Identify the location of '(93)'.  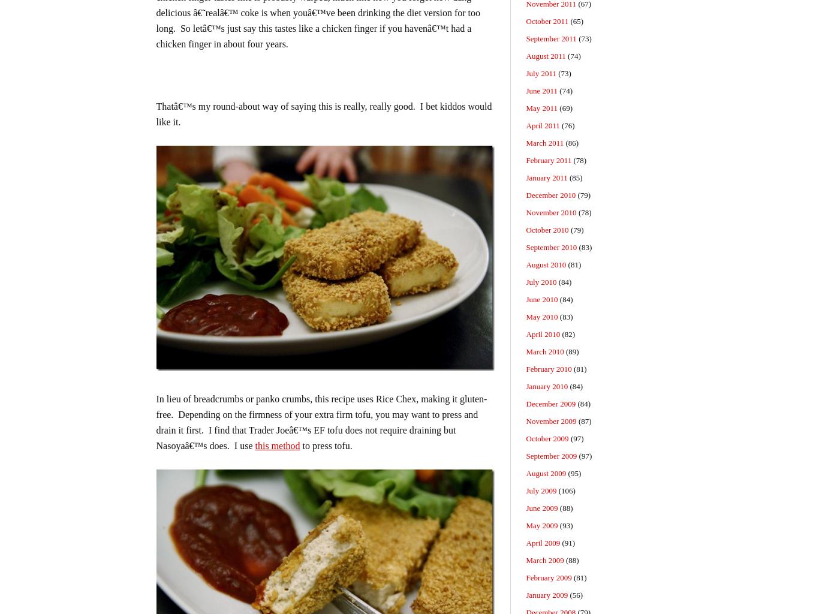
(565, 525).